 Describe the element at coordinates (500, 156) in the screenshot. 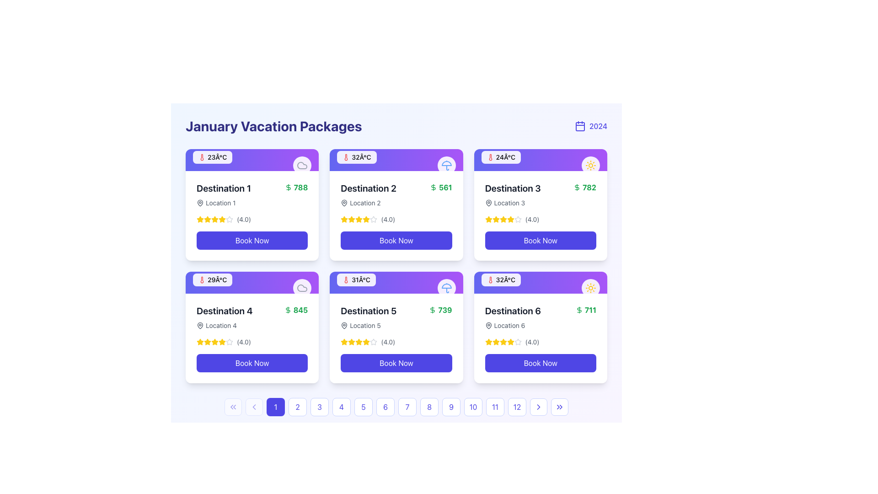

I see `temperature displayed in the badge located at the top-left corner of the card for 'Destination 3', which is positioned beneath the purple top bar` at that location.